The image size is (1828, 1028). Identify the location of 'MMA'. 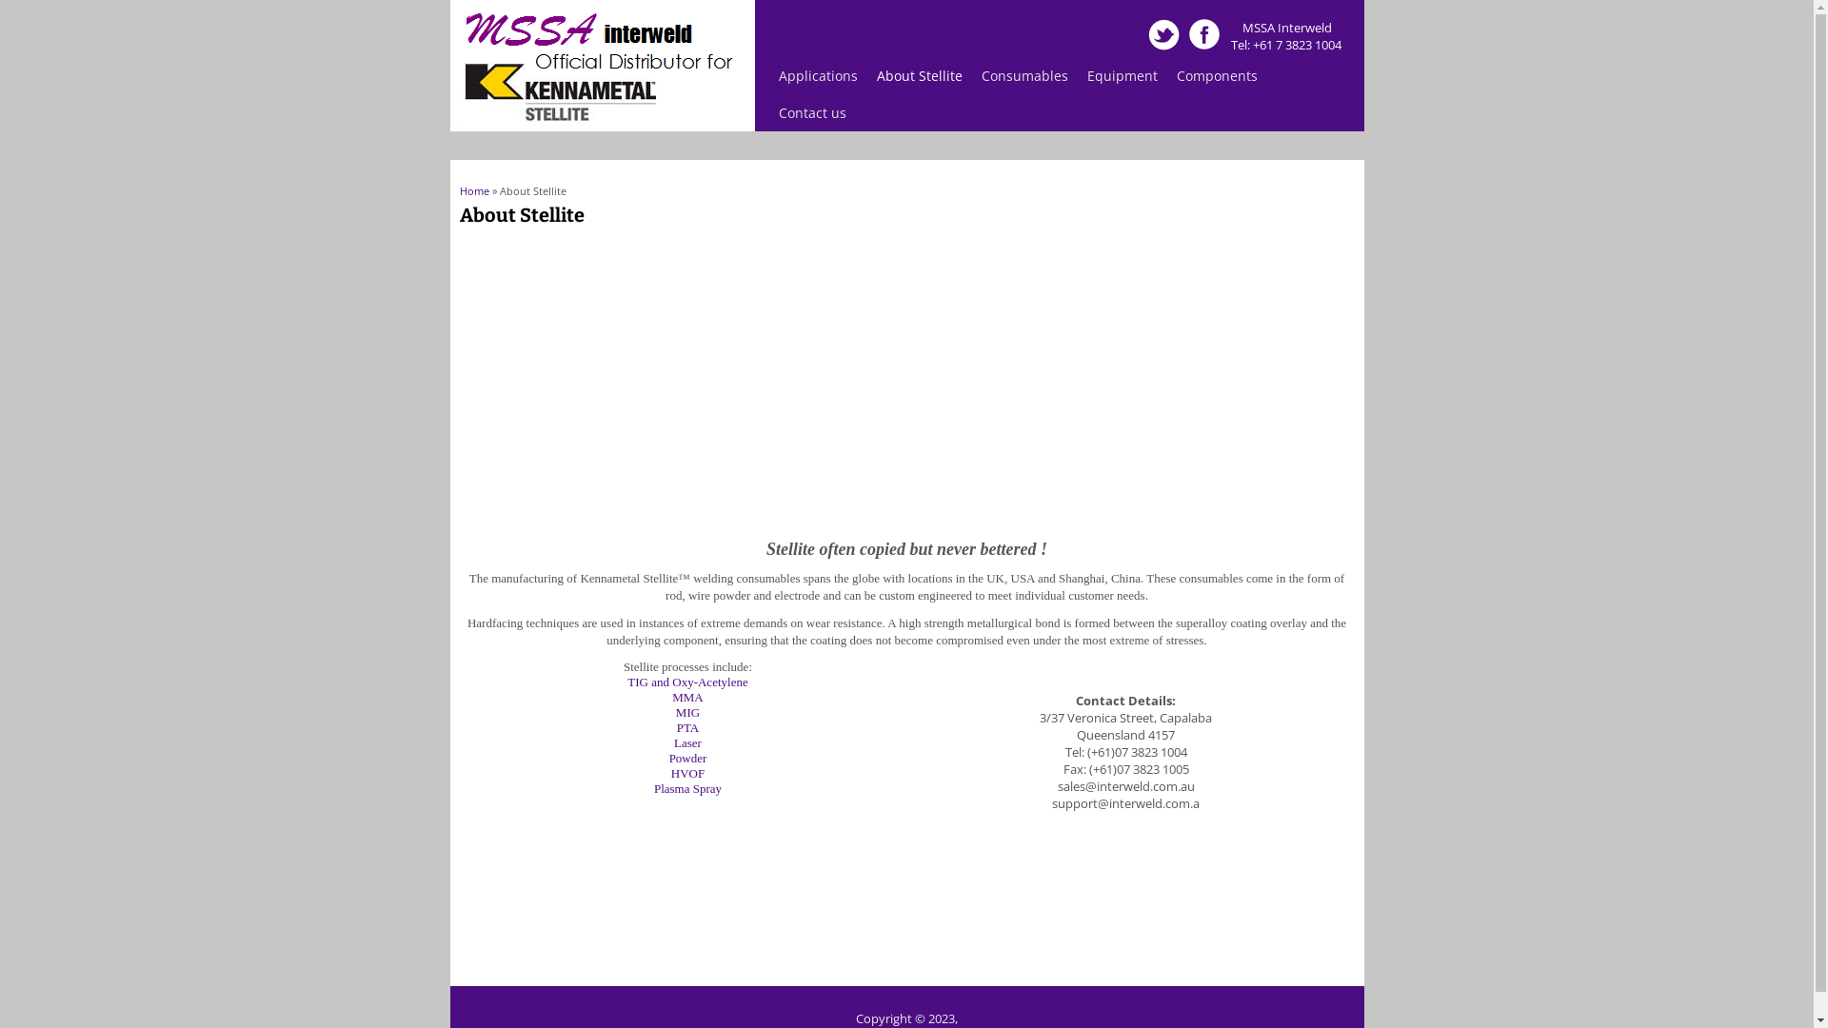
(686, 697).